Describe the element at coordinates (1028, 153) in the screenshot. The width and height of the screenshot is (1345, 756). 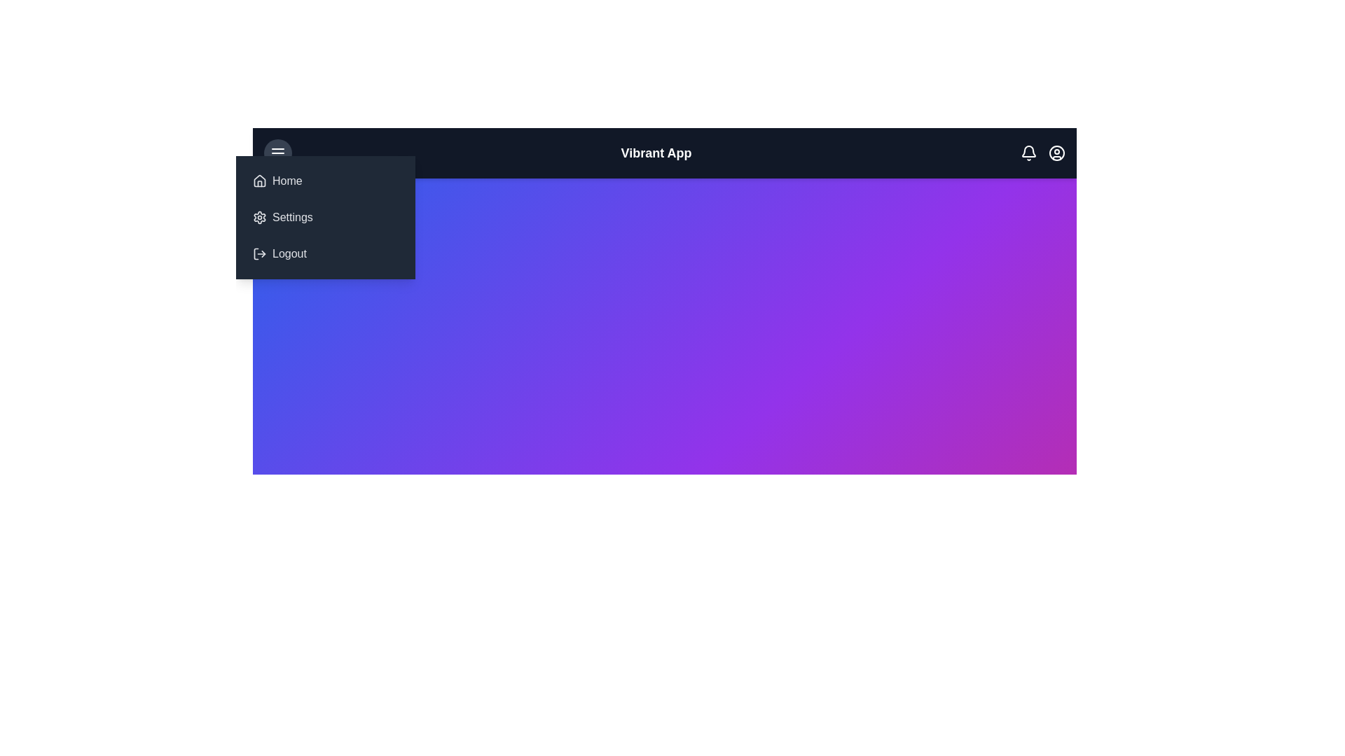
I see `the notification icon to view notifications` at that location.